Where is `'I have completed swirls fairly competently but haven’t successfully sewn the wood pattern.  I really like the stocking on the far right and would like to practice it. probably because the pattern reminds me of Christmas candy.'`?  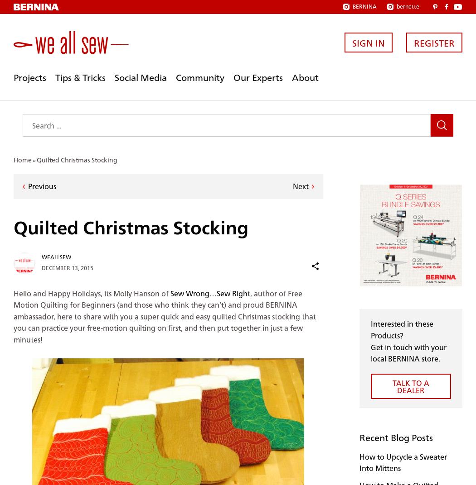
'I have completed swirls fairly competently but haven’t successfully sewn the wood pattern.  I really like the stocking on the far right and would like to practice it. probably because the pattern reminds me of Christmas candy.' is located at coordinates (166, 285).